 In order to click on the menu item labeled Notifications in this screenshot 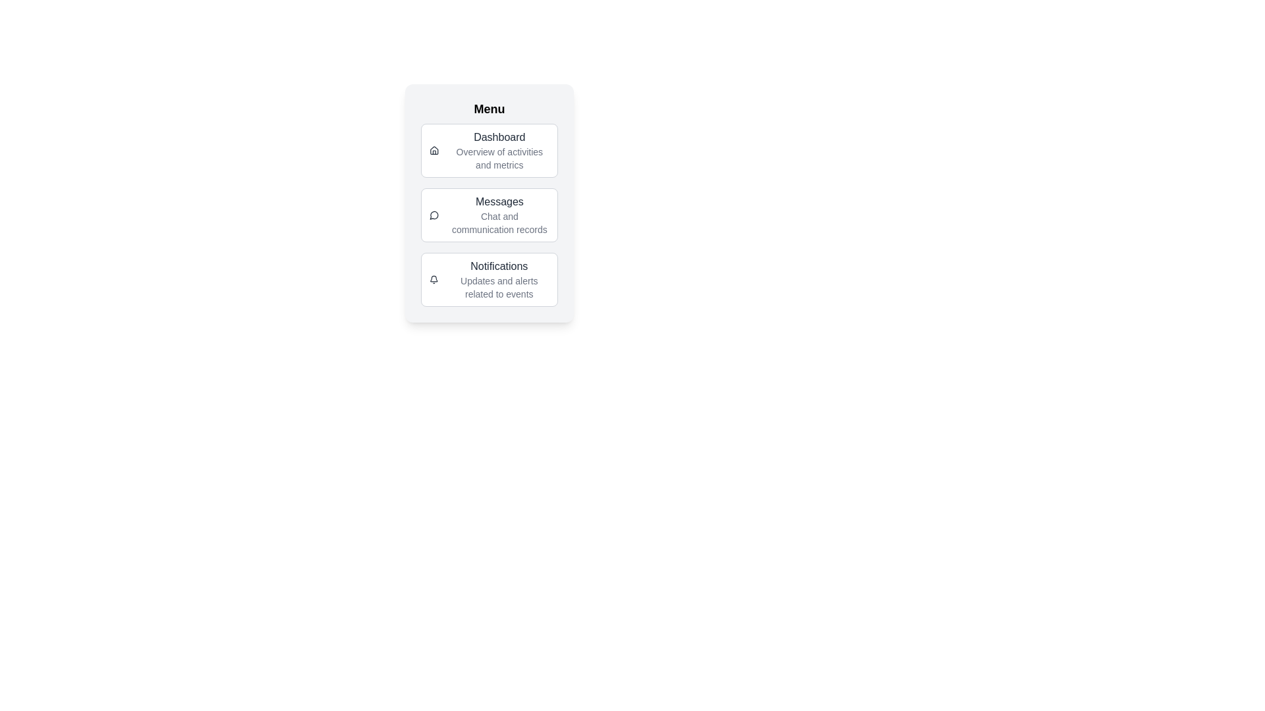, I will do `click(489, 278)`.